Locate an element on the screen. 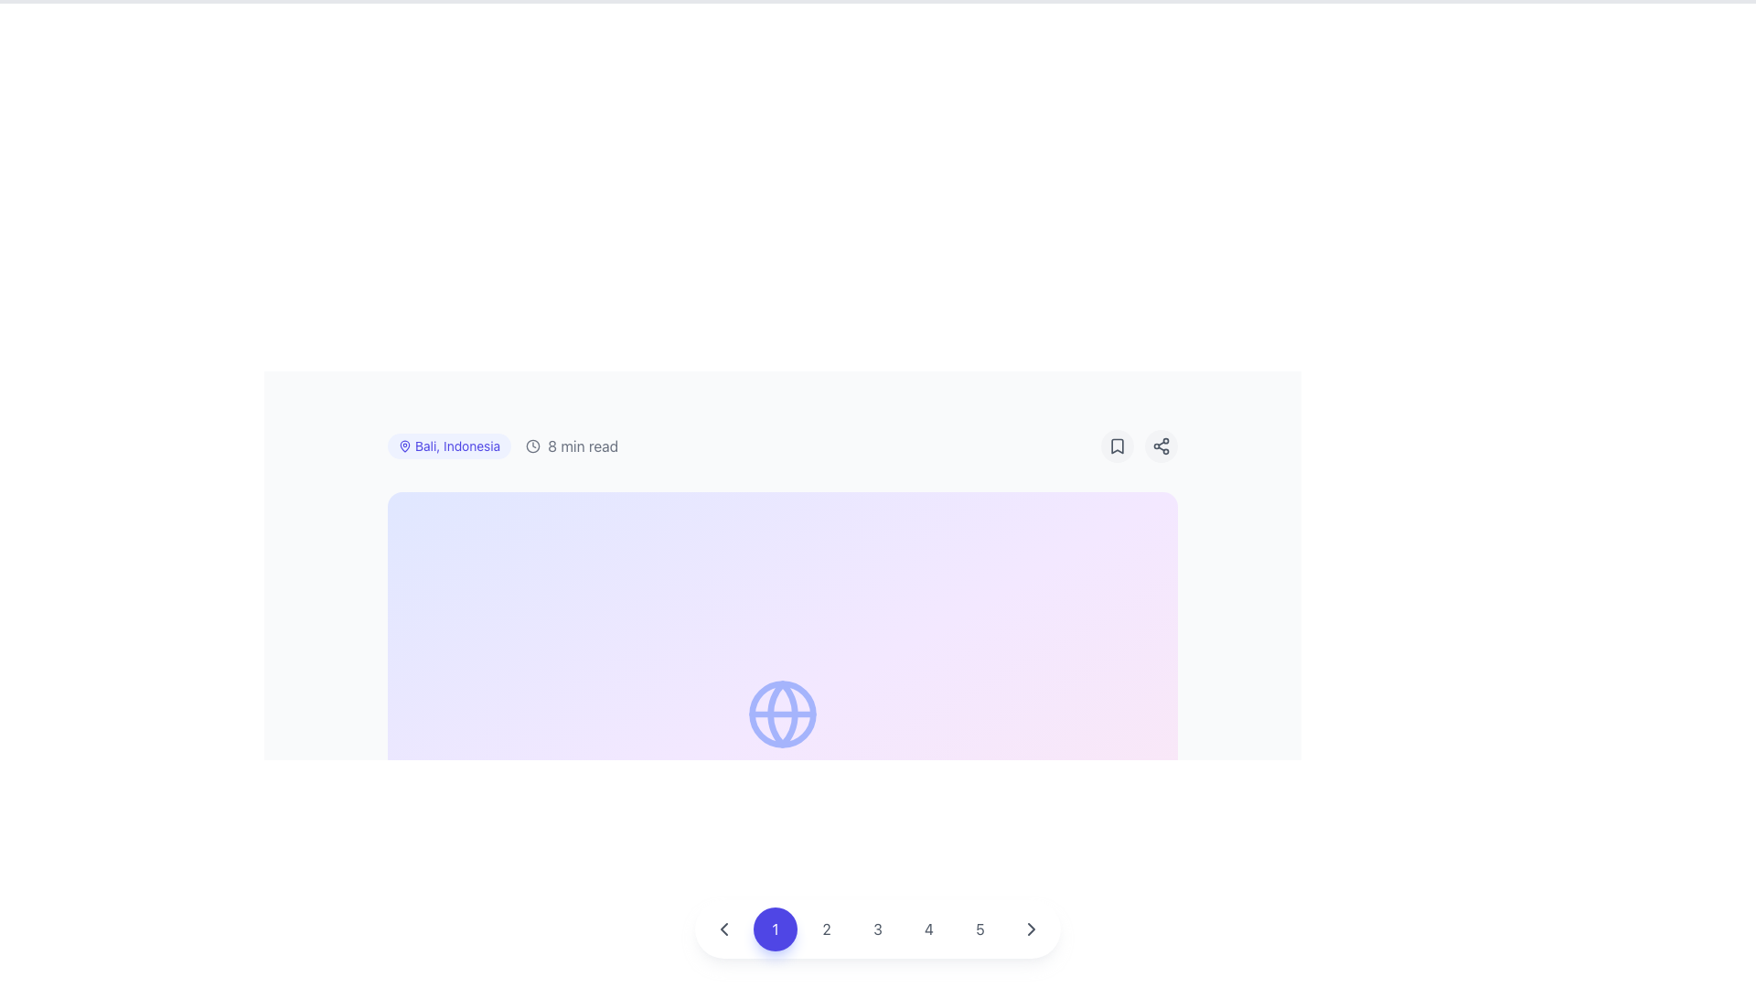 The width and height of the screenshot is (1756, 988). the leftmost icon button in the carousel navigation control is located at coordinates (723, 929).